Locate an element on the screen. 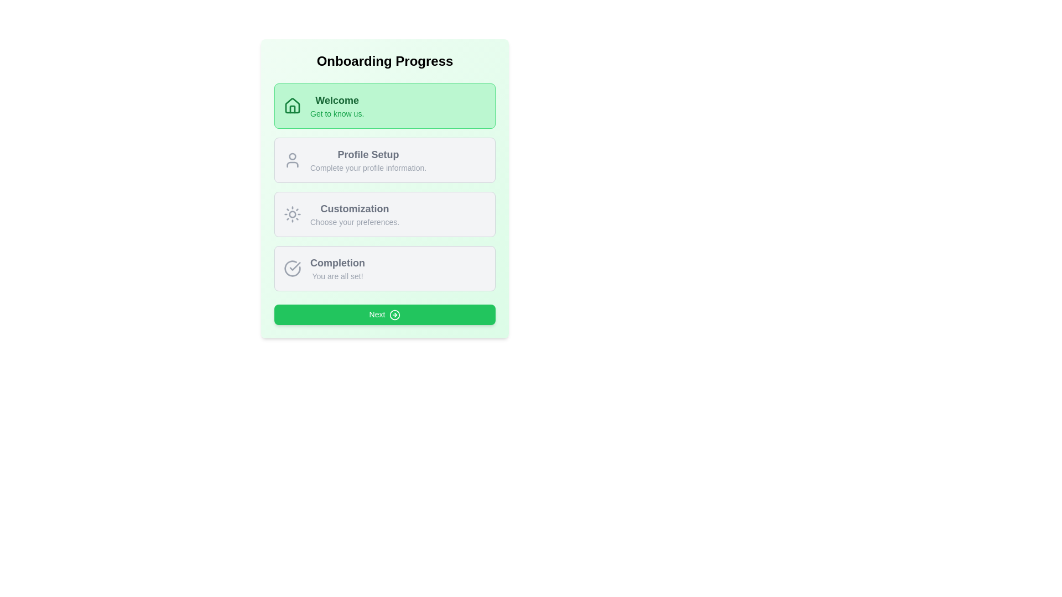 This screenshot has height=597, width=1062. the 'Welcome' text label, which is displayed in a bold, large green font at the top of the onboarding progress panel is located at coordinates (336, 100).